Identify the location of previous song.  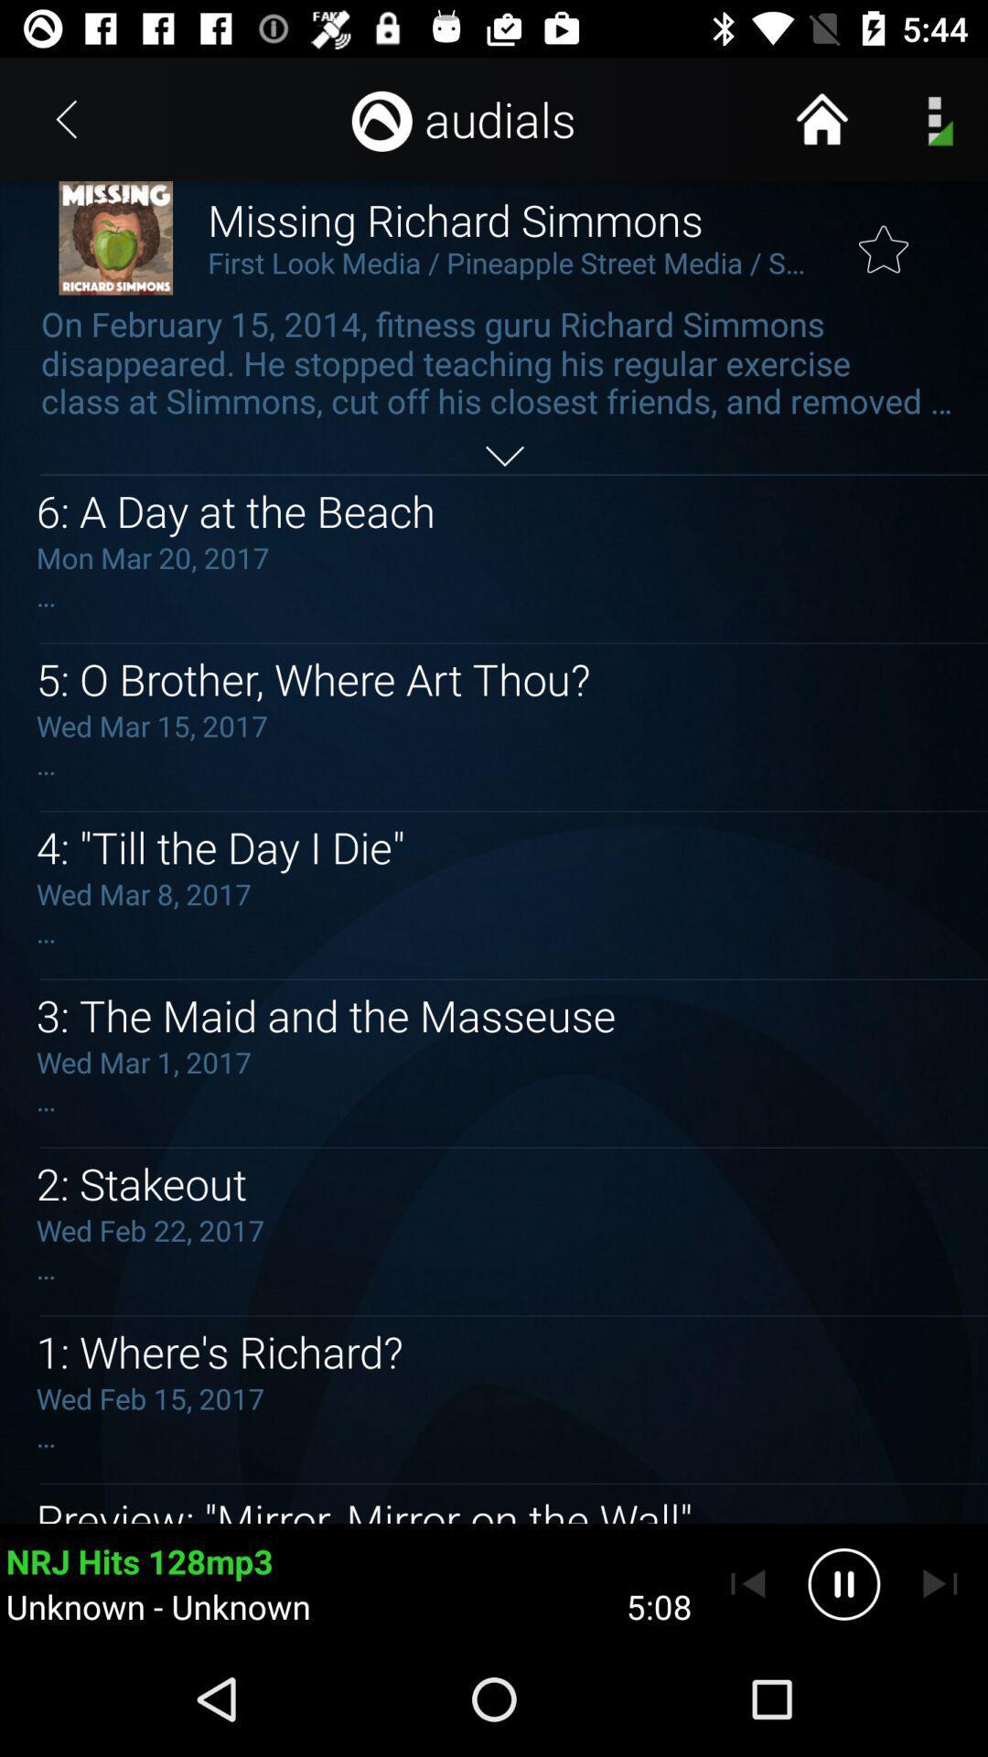
(747, 1583).